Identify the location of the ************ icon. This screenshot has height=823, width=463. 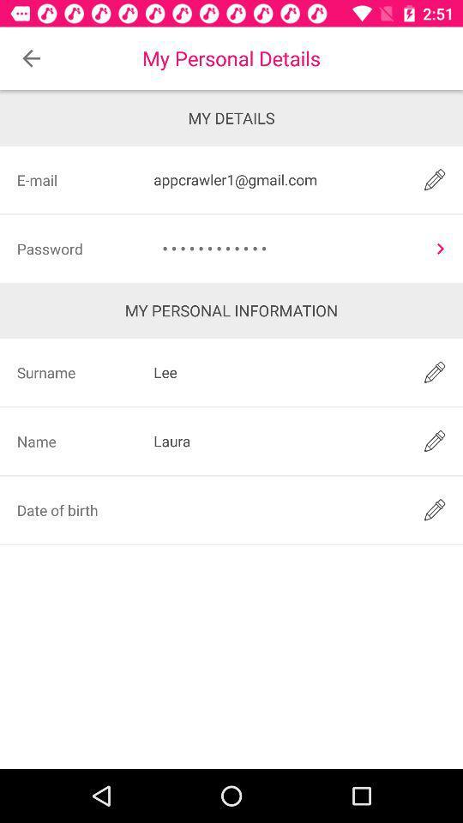
(286, 248).